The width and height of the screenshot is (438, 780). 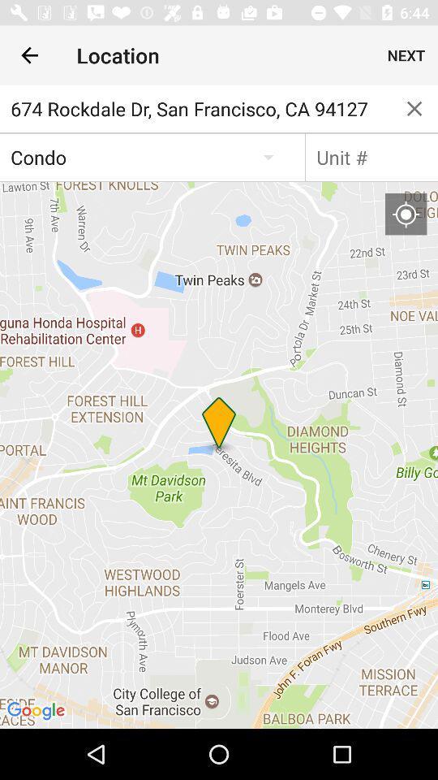 What do you see at coordinates (195, 108) in the screenshot?
I see `the 674 rockdale dr` at bounding box center [195, 108].